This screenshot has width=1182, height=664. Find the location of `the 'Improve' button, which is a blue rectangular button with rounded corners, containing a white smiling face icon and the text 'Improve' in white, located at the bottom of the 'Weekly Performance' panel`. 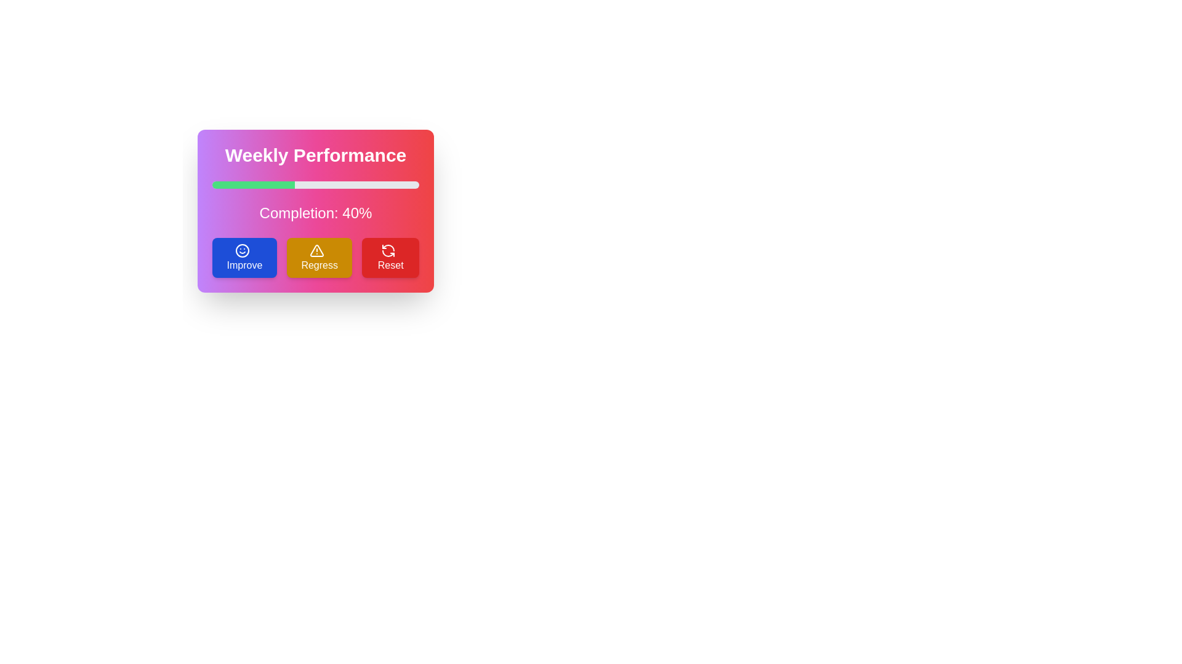

the 'Improve' button, which is a blue rectangular button with rounded corners, containing a white smiling face icon and the text 'Improve' in white, located at the bottom of the 'Weekly Performance' panel is located at coordinates (244, 257).